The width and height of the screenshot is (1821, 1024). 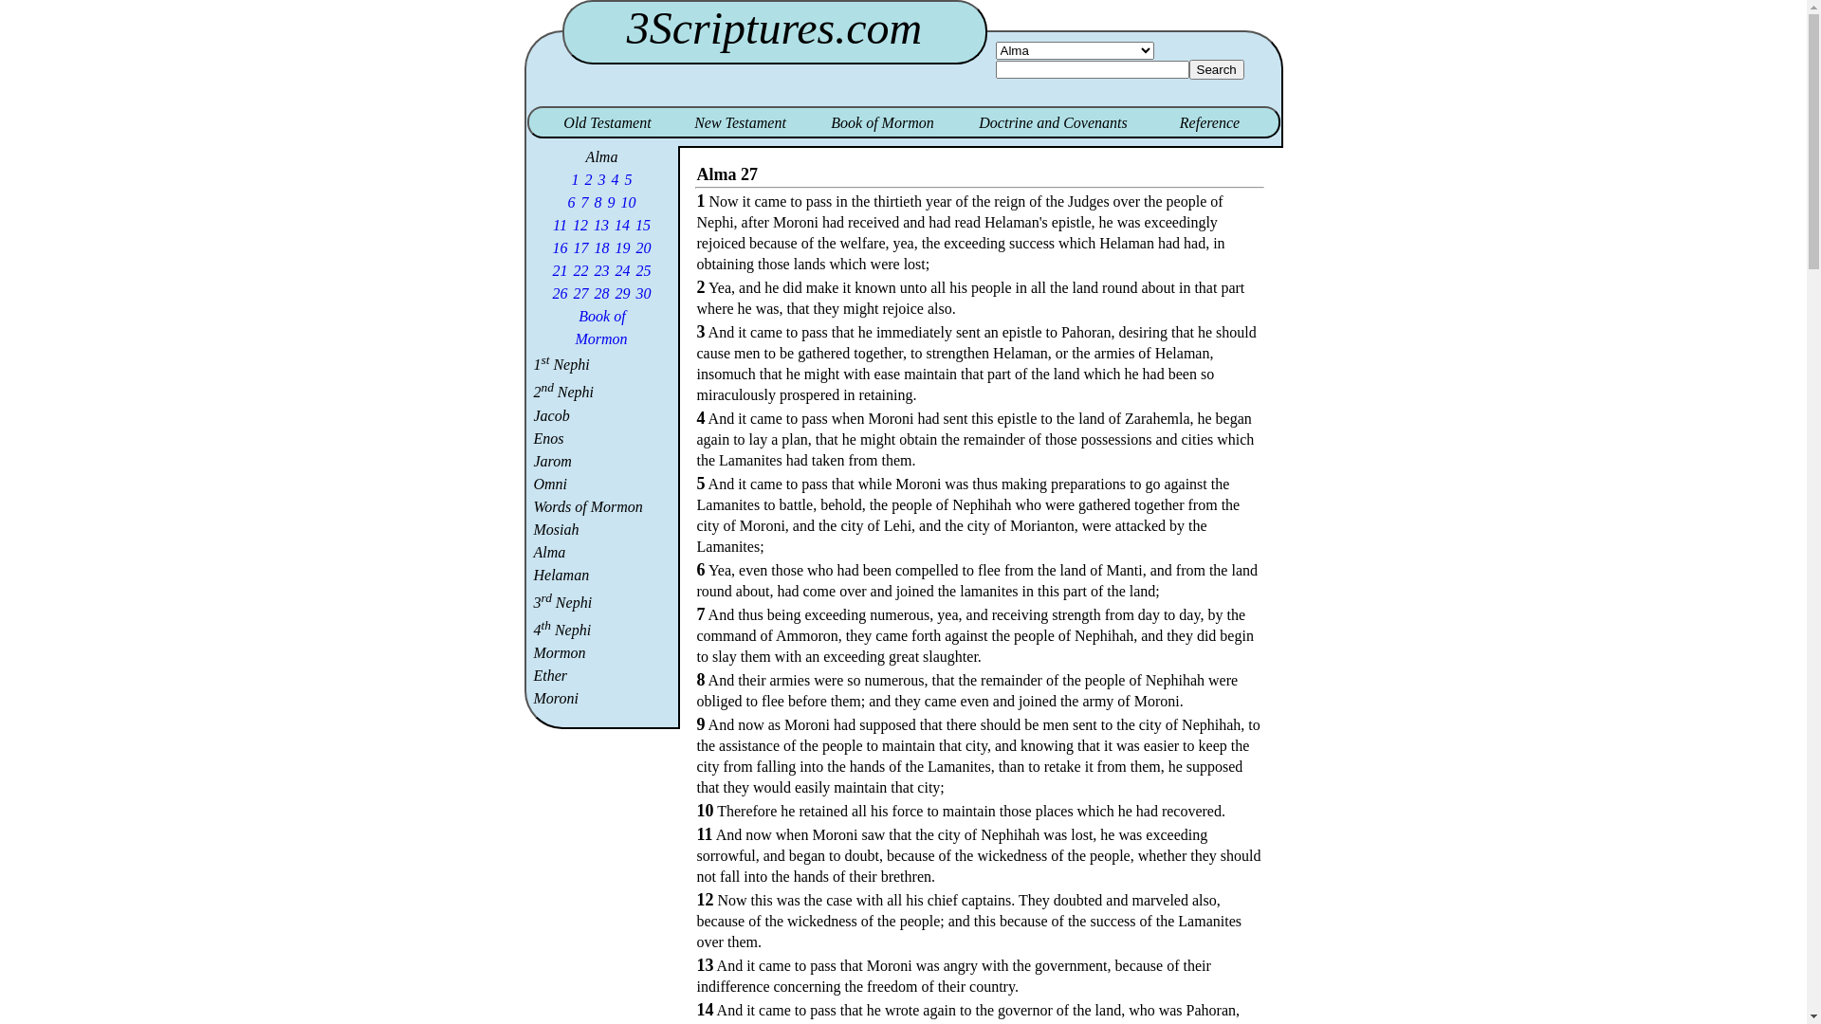 What do you see at coordinates (587, 179) in the screenshot?
I see `'2'` at bounding box center [587, 179].